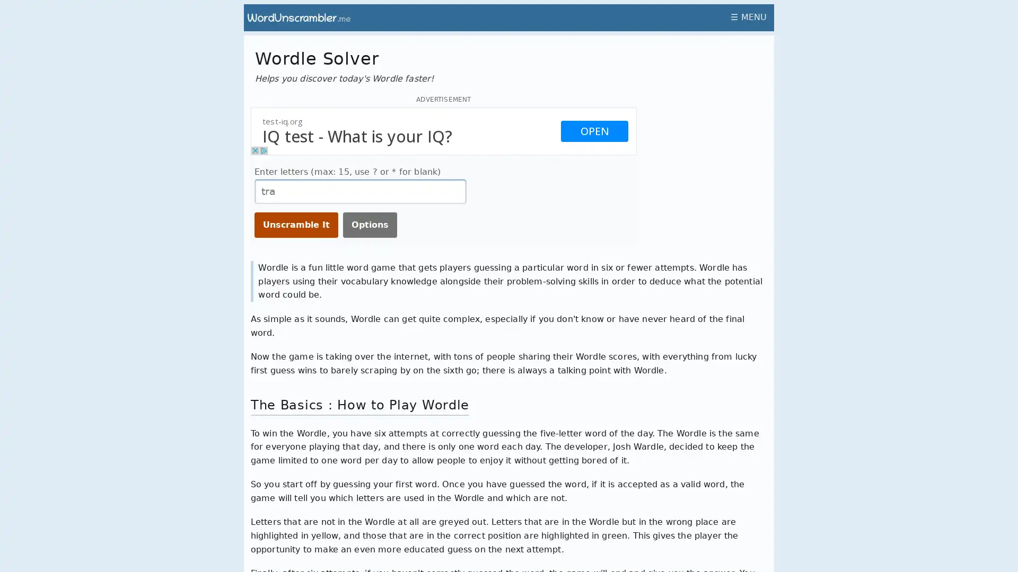 The image size is (1018, 572). What do you see at coordinates (370, 224) in the screenshot?
I see `Options` at bounding box center [370, 224].